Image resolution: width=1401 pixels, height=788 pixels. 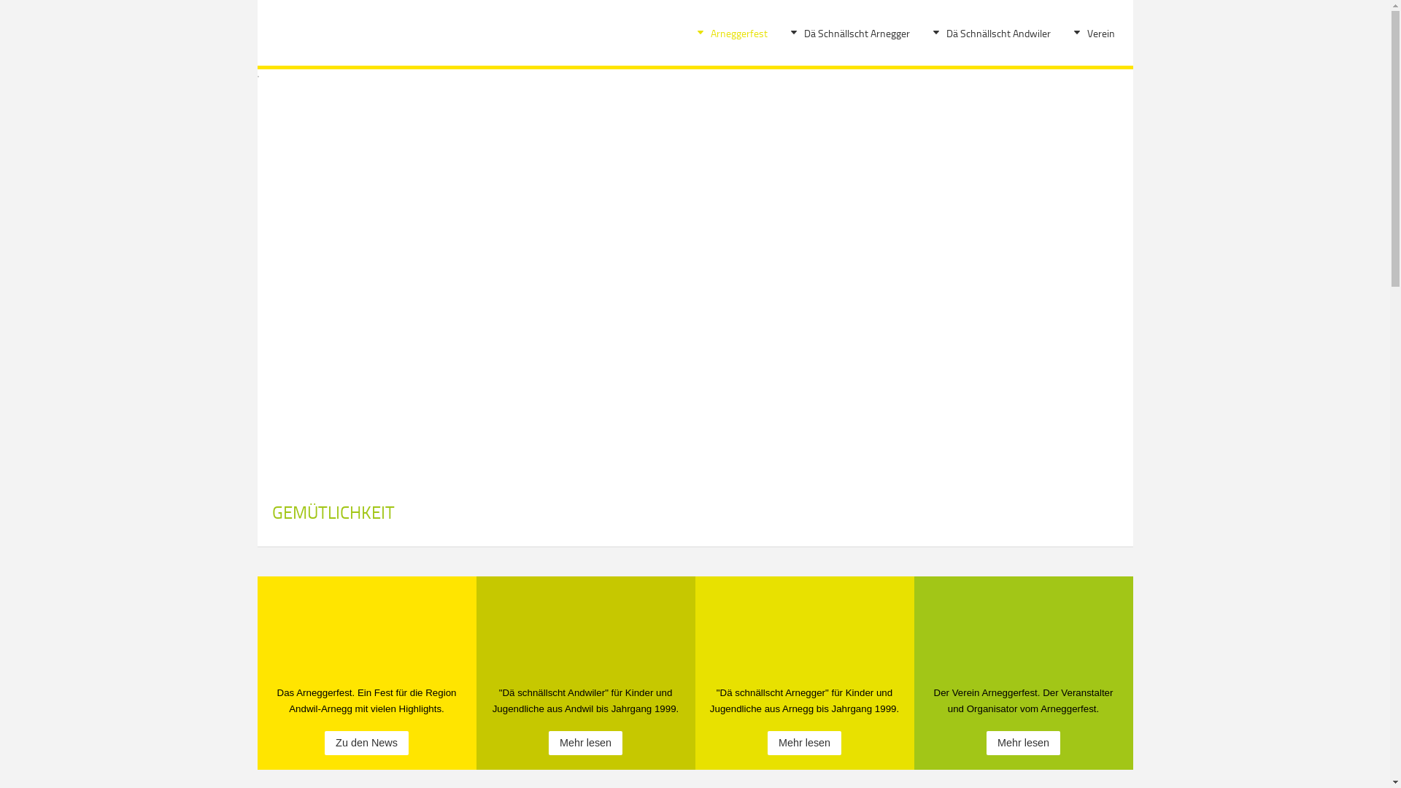 What do you see at coordinates (1022, 743) in the screenshot?
I see `'Mehr lesen'` at bounding box center [1022, 743].